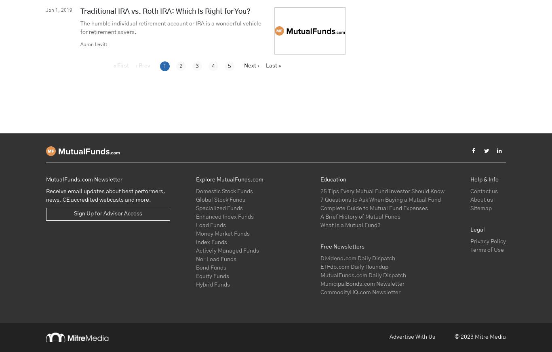 This screenshot has width=552, height=352. I want to click on 'Traditional IRA vs. Roth IRA: Which Is Right for You?', so click(165, 11).